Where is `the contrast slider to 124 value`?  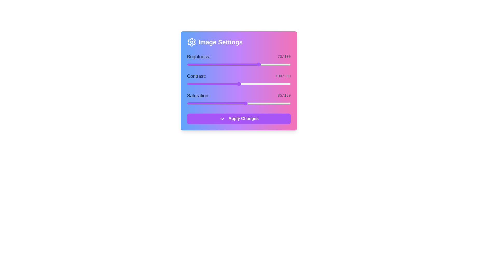
the contrast slider to 124 value is located at coordinates (251, 84).